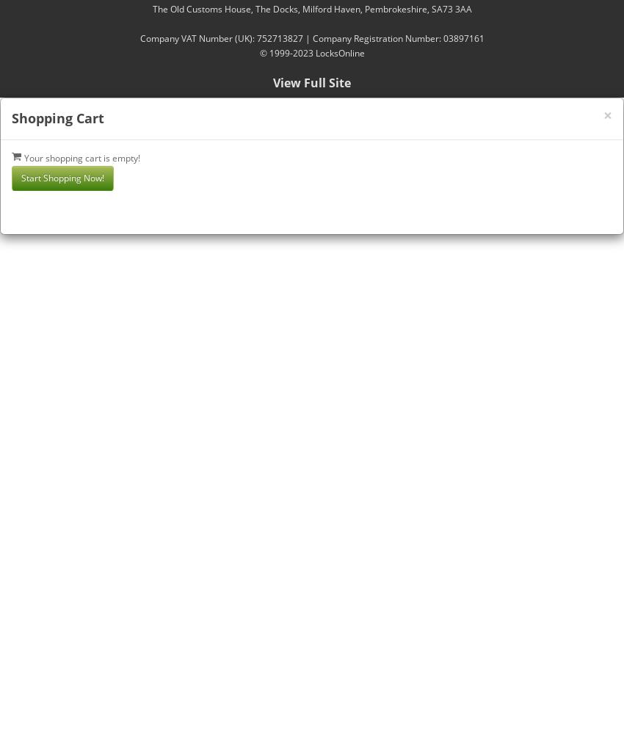 The image size is (624, 734). Describe the element at coordinates (258, 52) in the screenshot. I see `'© 1999-2023 LocksOnline'` at that location.